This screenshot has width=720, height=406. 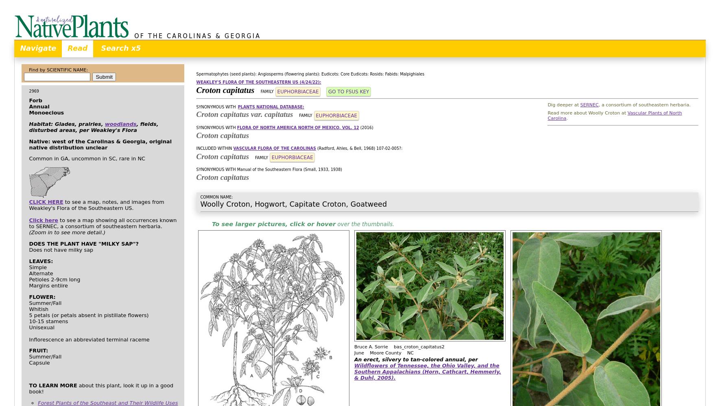 I want to click on 'Click here', so click(x=43, y=220).